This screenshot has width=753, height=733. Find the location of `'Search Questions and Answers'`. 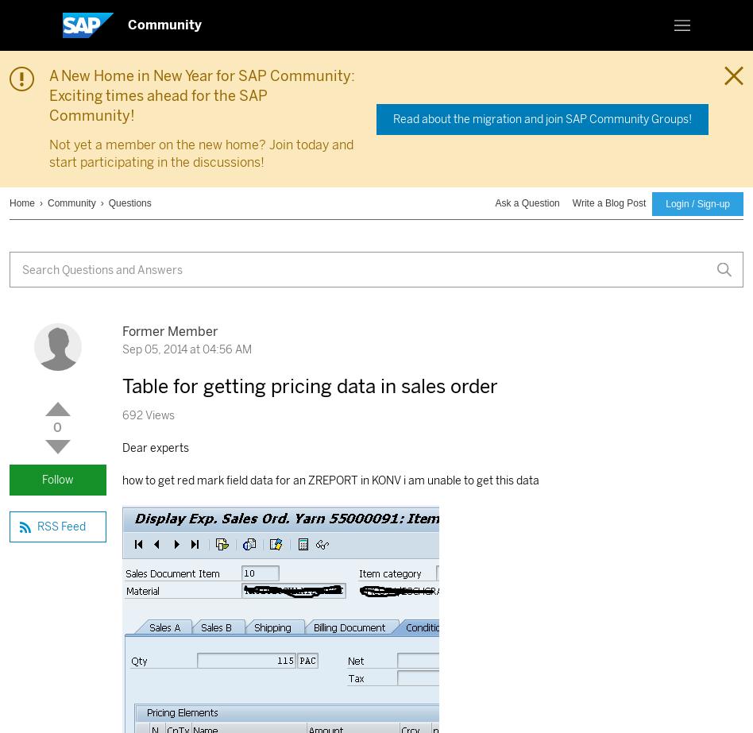

'Search Questions and Answers' is located at coordinates (102, 269).